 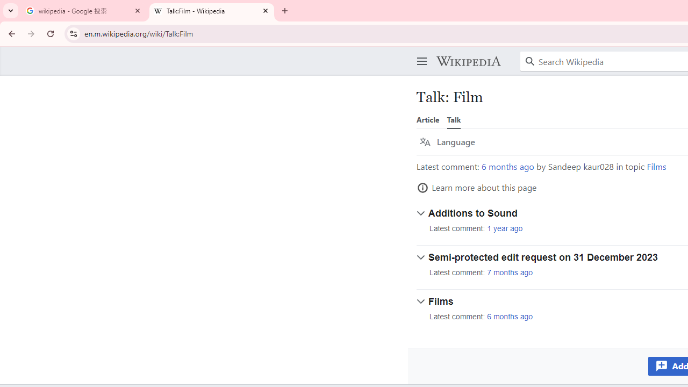 What do you see at coordinates (504, 228) in the screenshot?
I see `'1 year ago'` at bounding box center [504, 228].